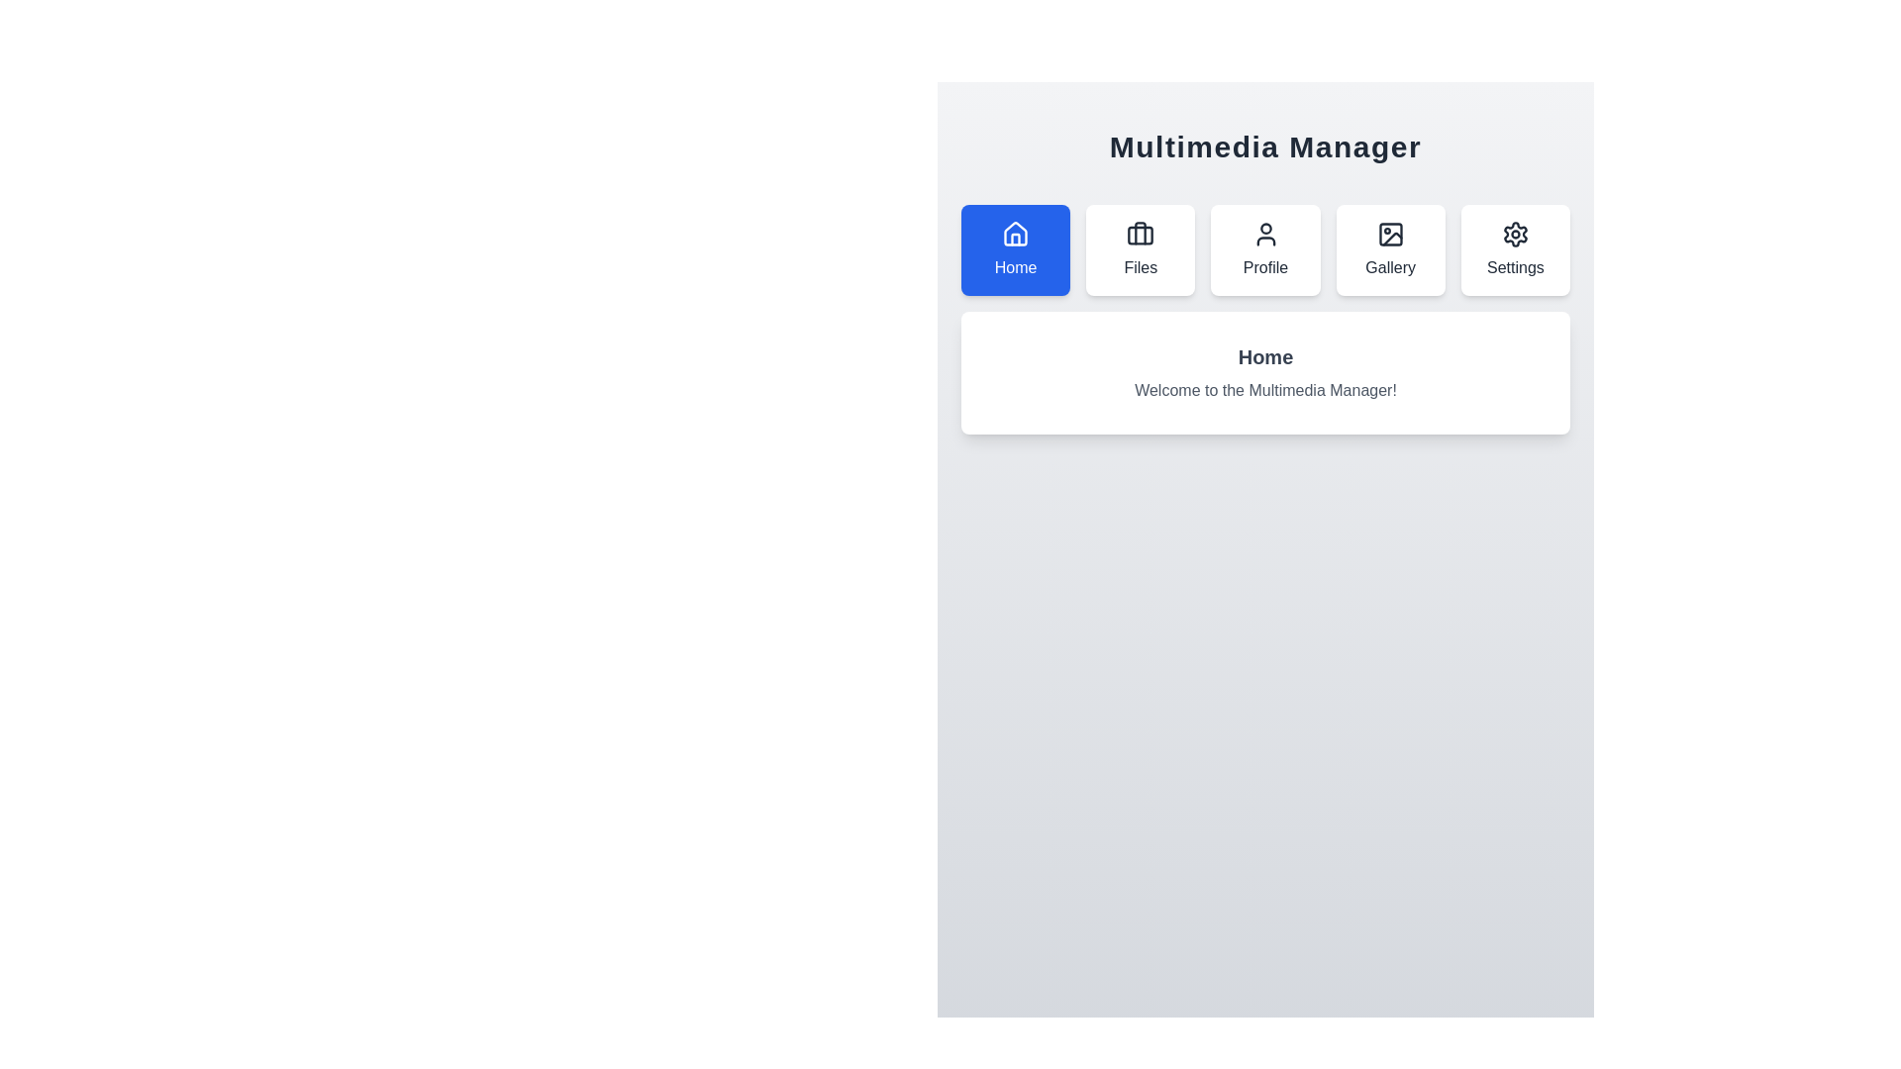  What do you see at coordinates (1389, 233) in the screenshot?
I see `the Gallery icon located in the main navigation bar, centered above the text label 'Gallery'` at bounding box center [1389, 233].